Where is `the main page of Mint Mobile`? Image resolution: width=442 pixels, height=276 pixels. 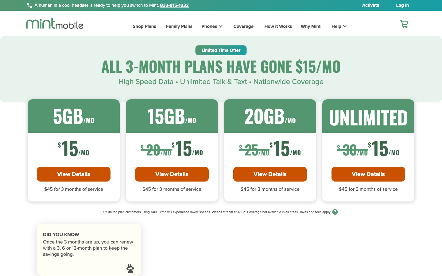 the main page of Mint Mobile is located at coordinates (54, 23).